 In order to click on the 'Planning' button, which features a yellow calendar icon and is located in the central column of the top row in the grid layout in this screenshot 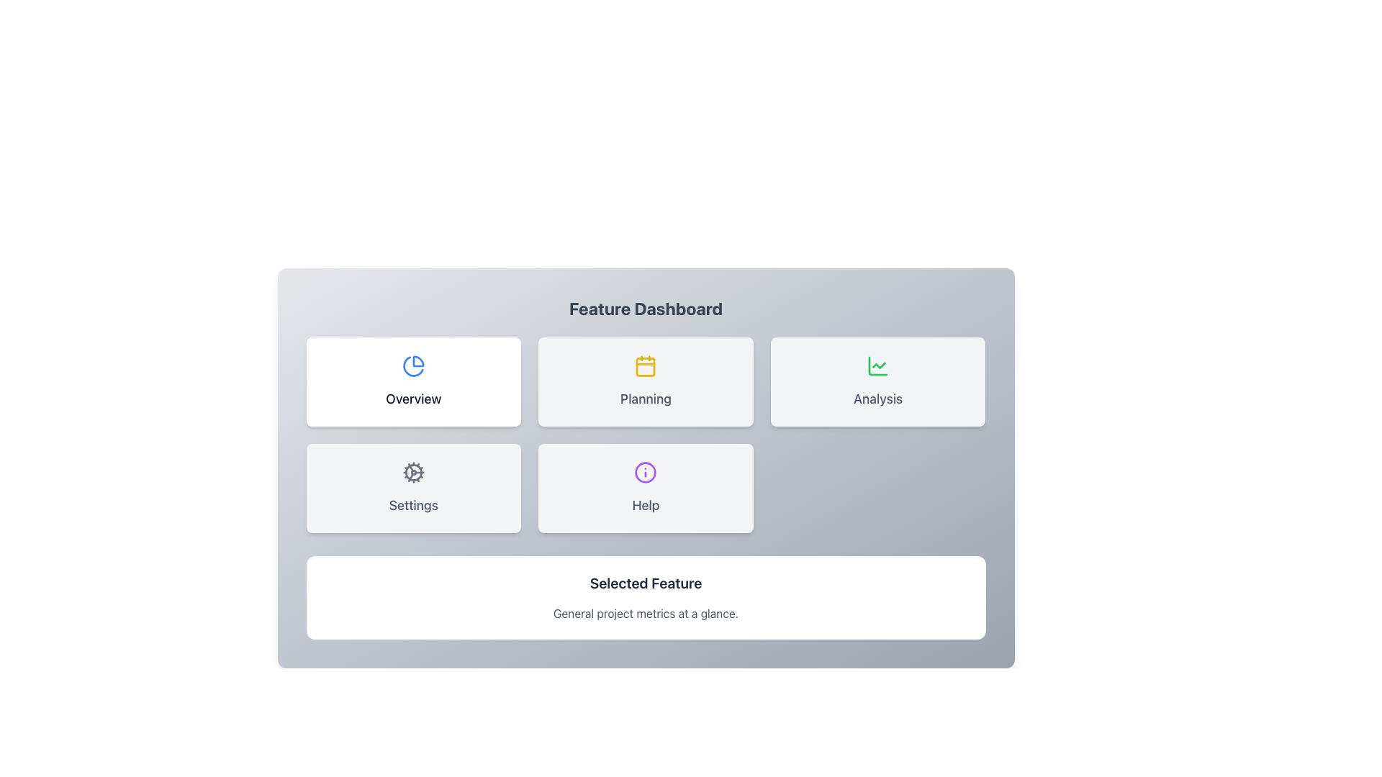, I will do `click(645, 381)`.